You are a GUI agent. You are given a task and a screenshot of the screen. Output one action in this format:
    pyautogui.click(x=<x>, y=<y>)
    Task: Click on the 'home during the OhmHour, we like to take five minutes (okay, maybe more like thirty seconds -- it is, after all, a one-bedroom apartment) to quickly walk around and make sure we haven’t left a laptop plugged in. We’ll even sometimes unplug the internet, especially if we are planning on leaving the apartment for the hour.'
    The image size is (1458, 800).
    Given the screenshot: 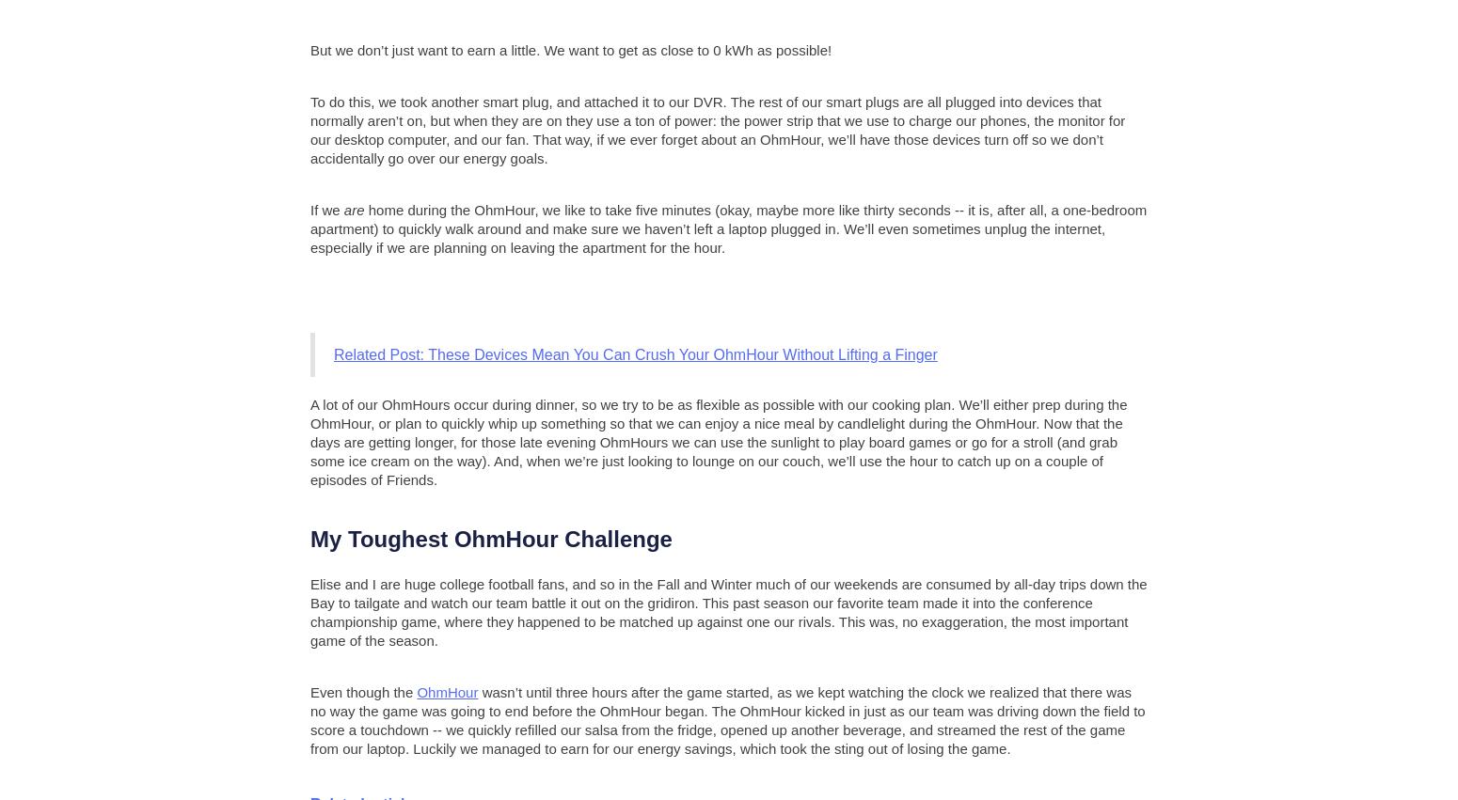 What is the action you would take?
    pyautogui.click(x=309, y=227)
    